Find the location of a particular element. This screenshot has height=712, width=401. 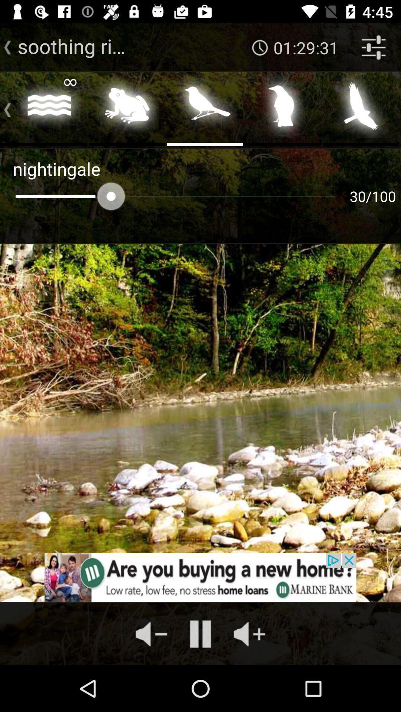

choose the eagle bird is located at coordinates (361, 108).